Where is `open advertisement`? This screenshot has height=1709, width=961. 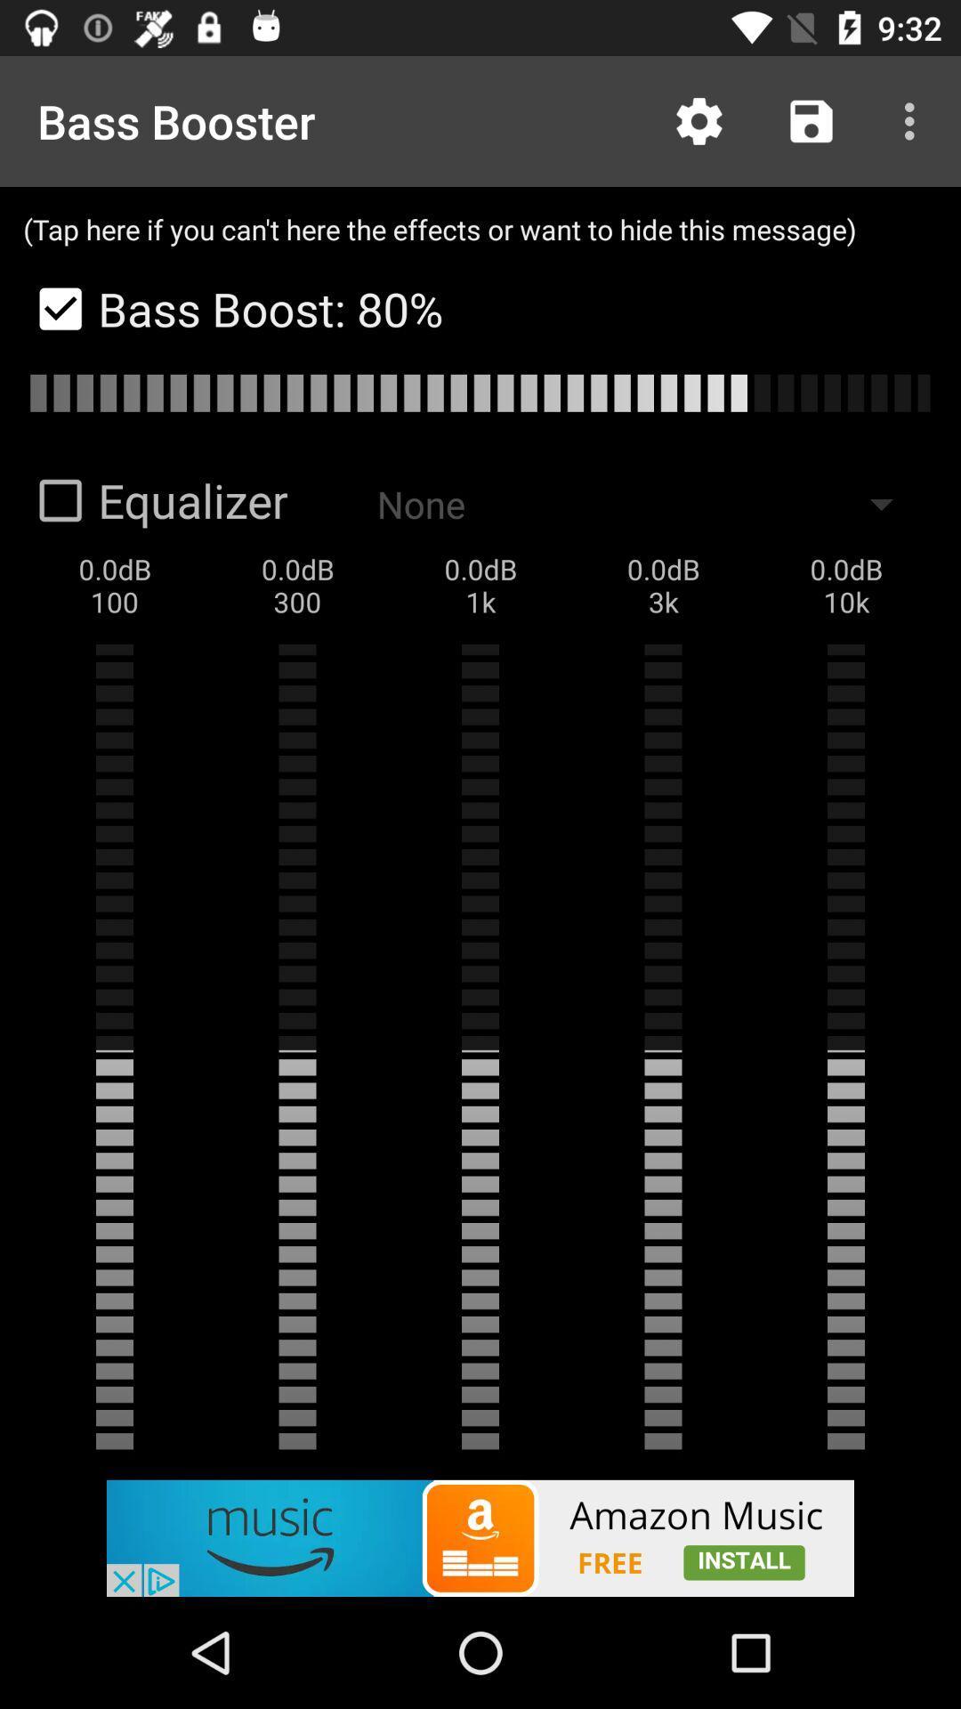
open advertisement is located at coordinates (480, 1537).